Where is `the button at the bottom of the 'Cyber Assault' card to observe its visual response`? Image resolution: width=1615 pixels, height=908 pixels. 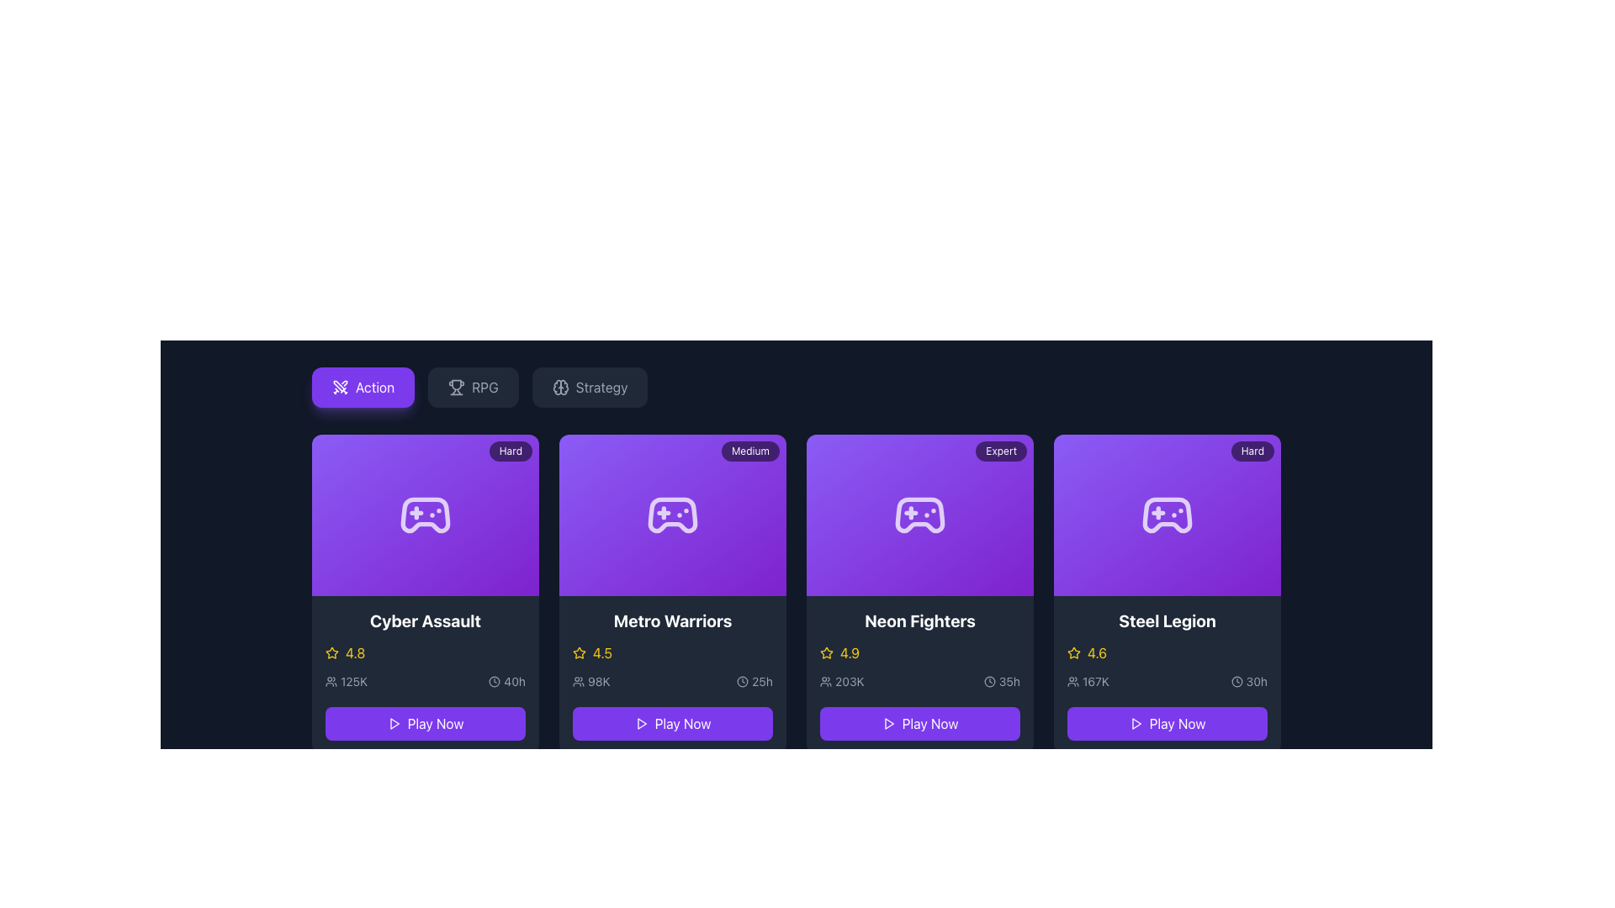
the button at the bottom of the 'Cyber Assault' card to observe its visual response is located at coordinates (425, 719).